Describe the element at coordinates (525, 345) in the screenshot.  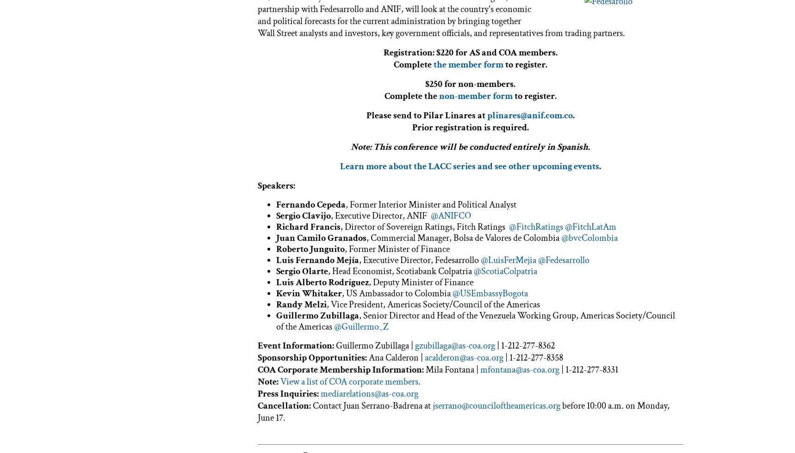
I see `'| 1-212-277-8362'` at that location.